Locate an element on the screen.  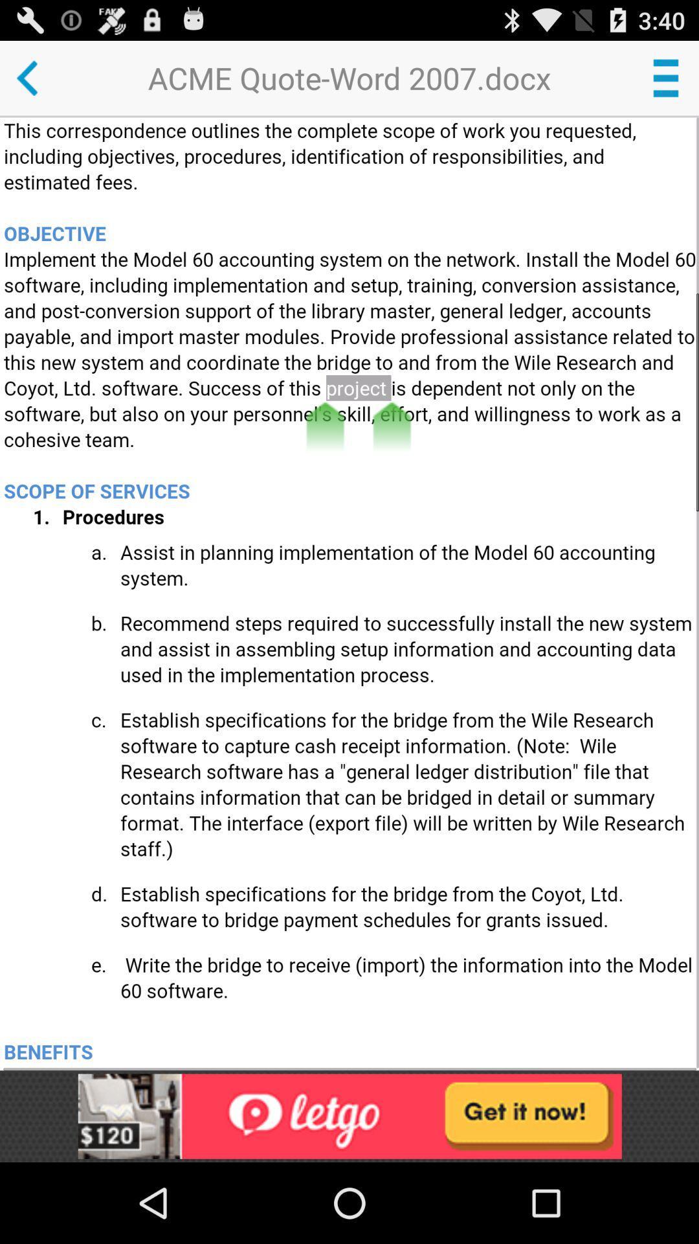
advertisement is located at coordinates (349, 1116).